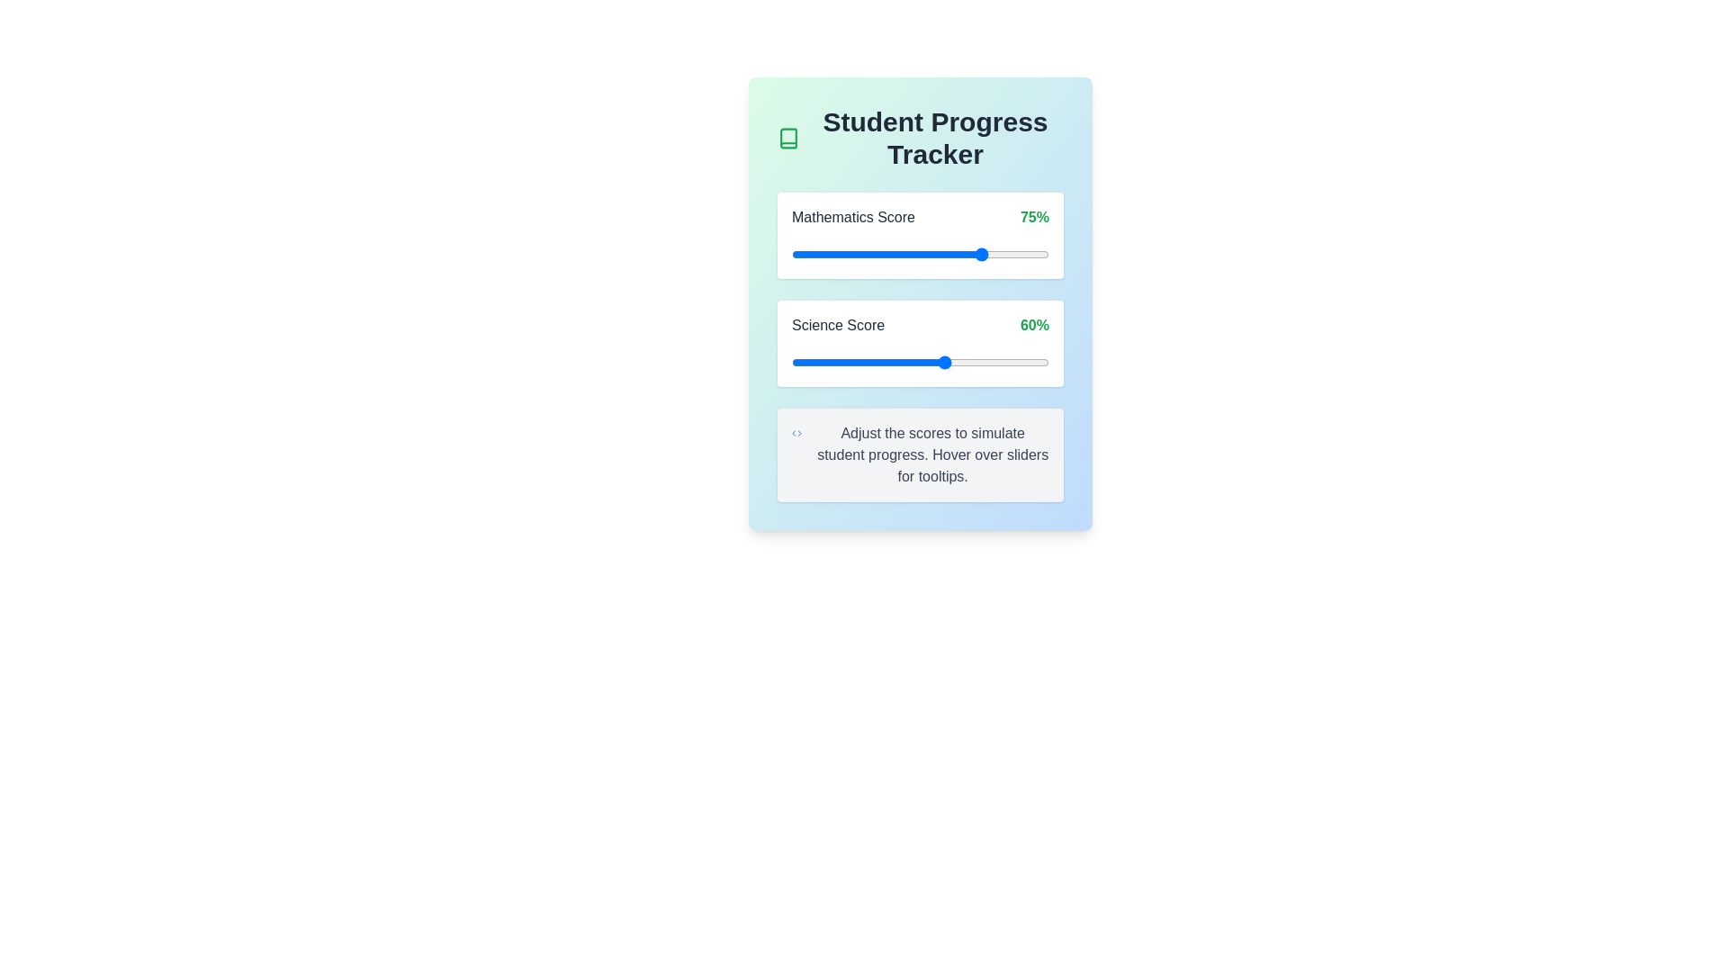  What do you see at coordinates (942, 362) in the screenshot?
I see `the Science Score slider to 59%` at bounding box center [942, 362].